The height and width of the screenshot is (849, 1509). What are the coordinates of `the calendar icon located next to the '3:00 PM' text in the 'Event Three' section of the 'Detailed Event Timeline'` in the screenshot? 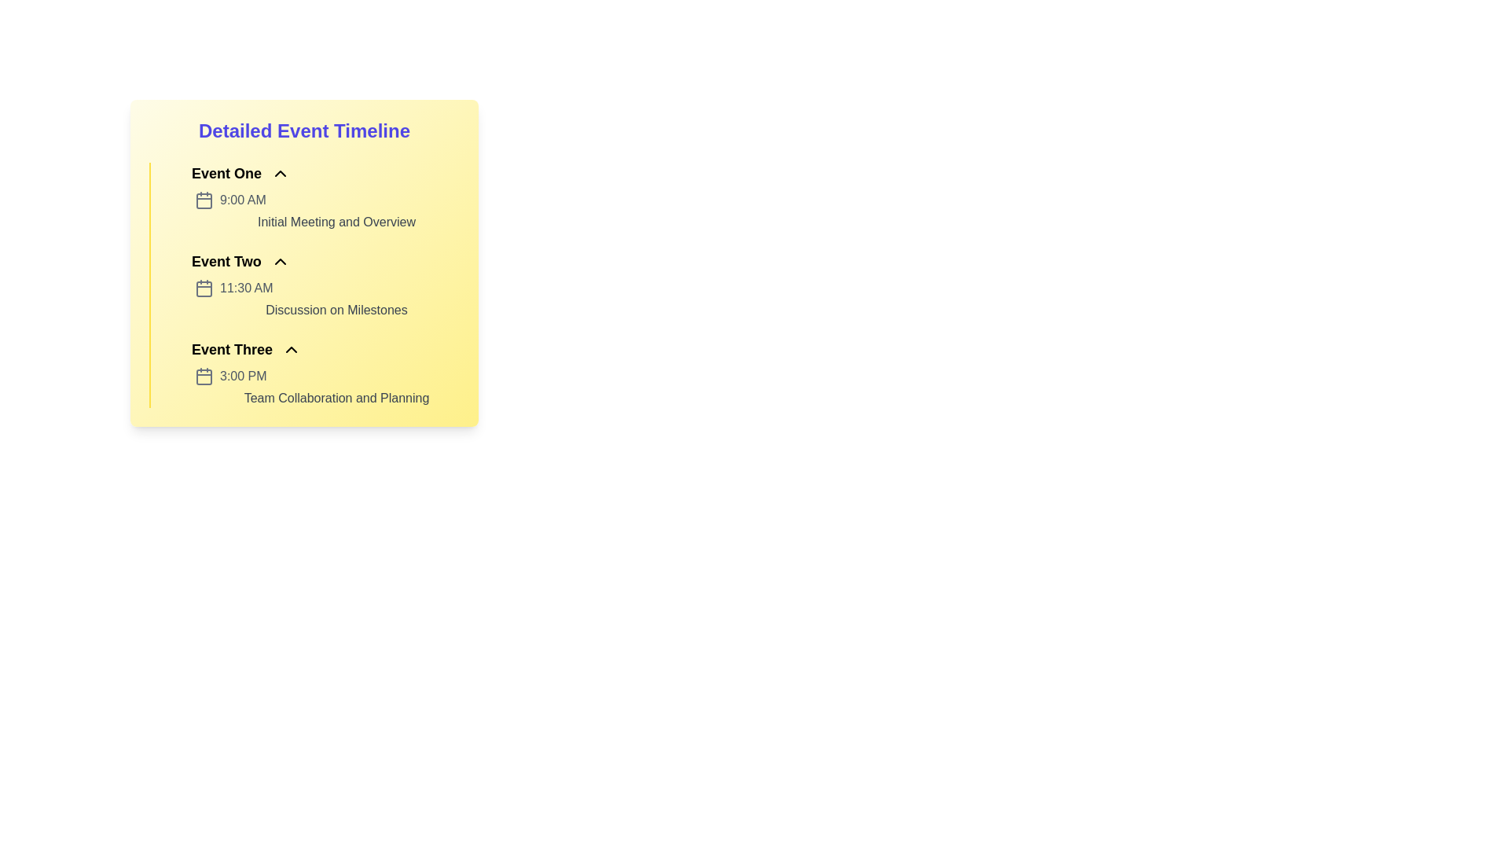 It's located at (203, 376).